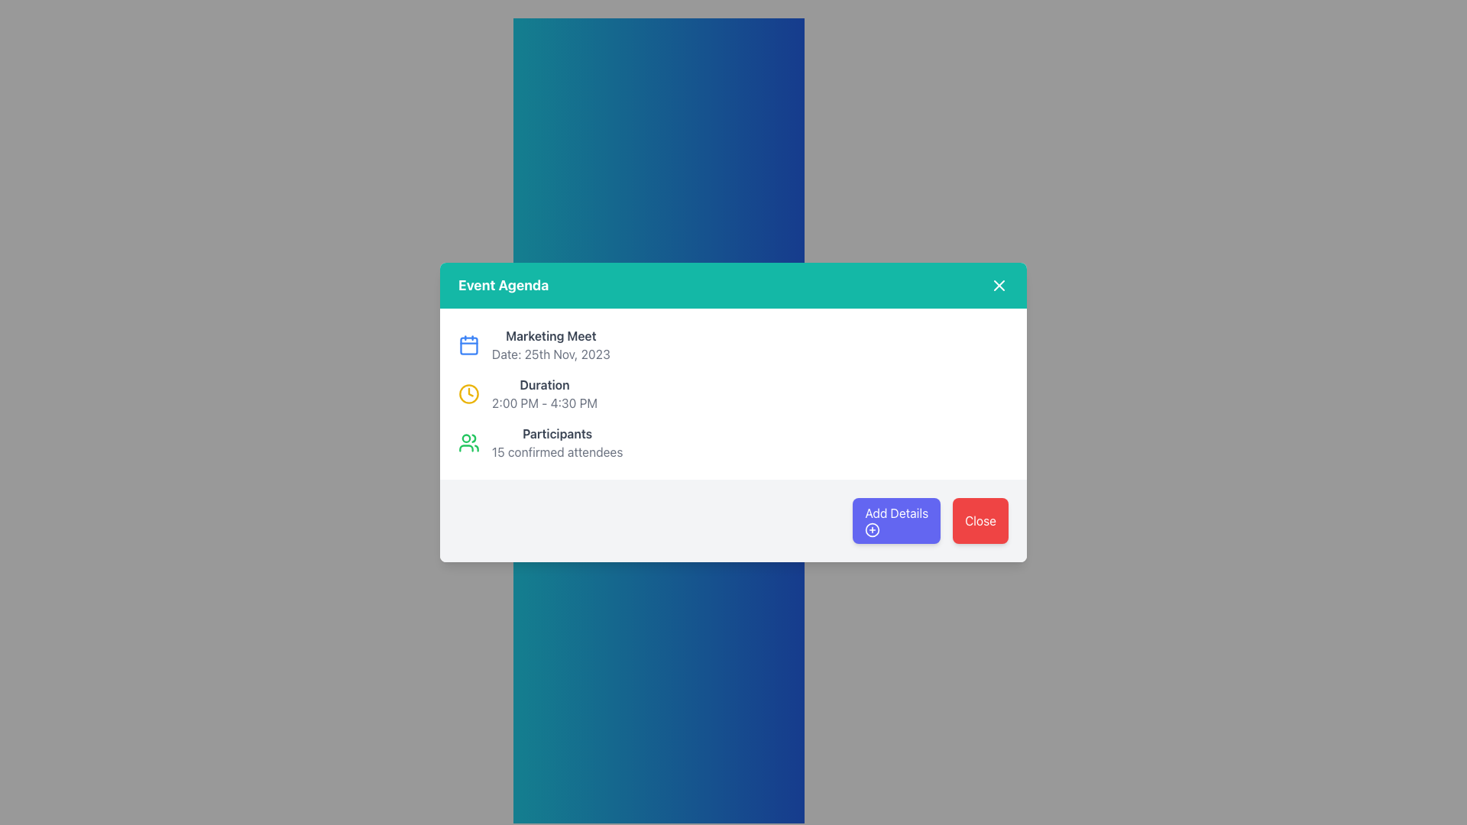 The image size is (1467, 825). Describe the element at coordinates (980, 520) in the screenshot. I see `the 'Close' button located at the bottom-right corner of the dialog` at that location.